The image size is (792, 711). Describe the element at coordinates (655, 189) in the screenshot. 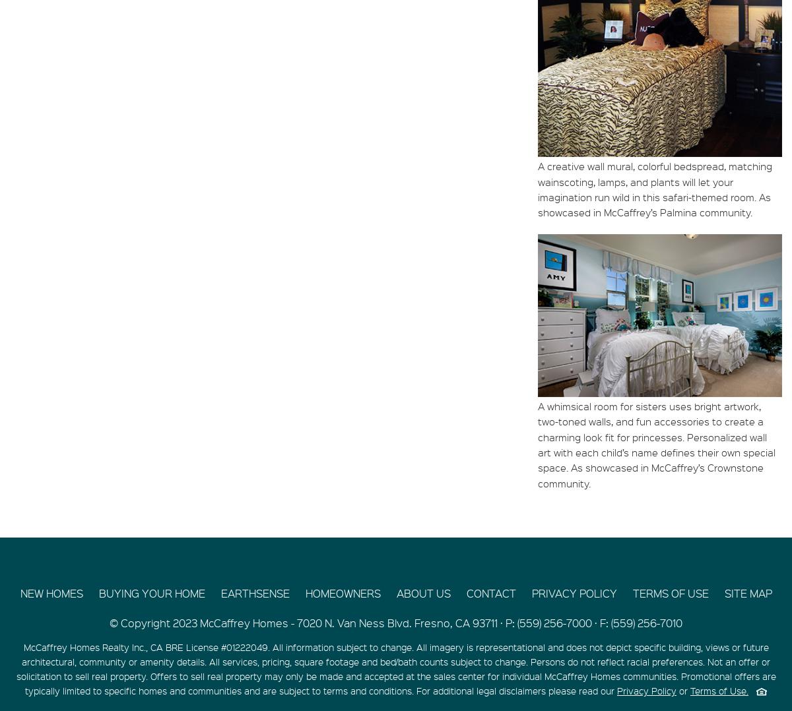

I see `'A creative wall mural, colorful bedspread, matching wainscoting, lamps, and plants will let your imagination run wild in this safari-themed room. As showcased in McCaffrey’s Palmina community.'` at that location.